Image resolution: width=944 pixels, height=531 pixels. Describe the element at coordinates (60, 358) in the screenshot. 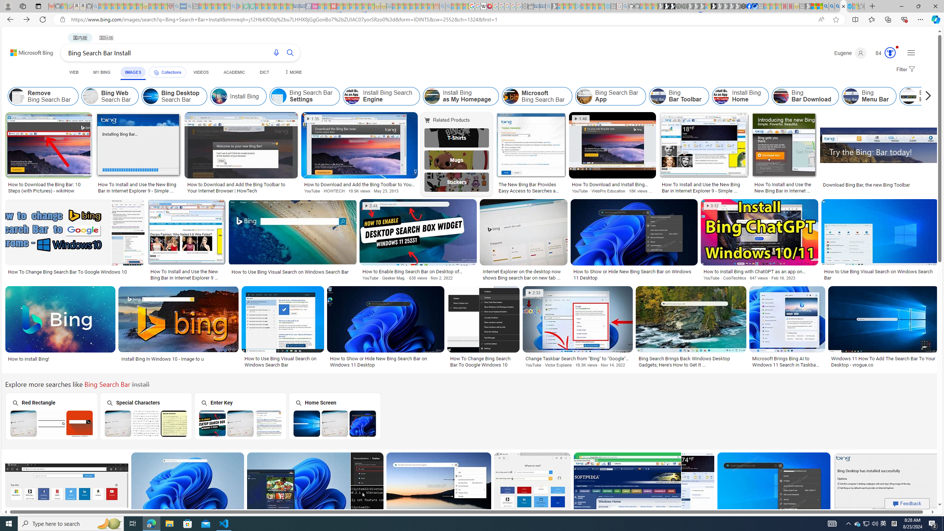

I see `'How to install Bing!'` at that location.